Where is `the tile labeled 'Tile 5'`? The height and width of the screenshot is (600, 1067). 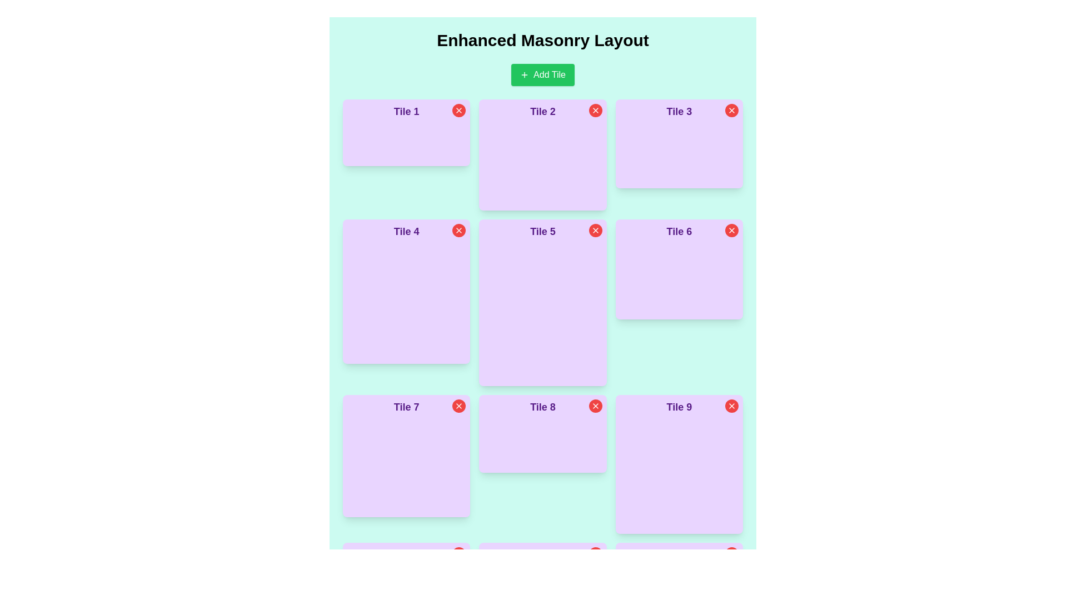
the tile labeled 'Tile 5' is located at coordinates (542, 302).